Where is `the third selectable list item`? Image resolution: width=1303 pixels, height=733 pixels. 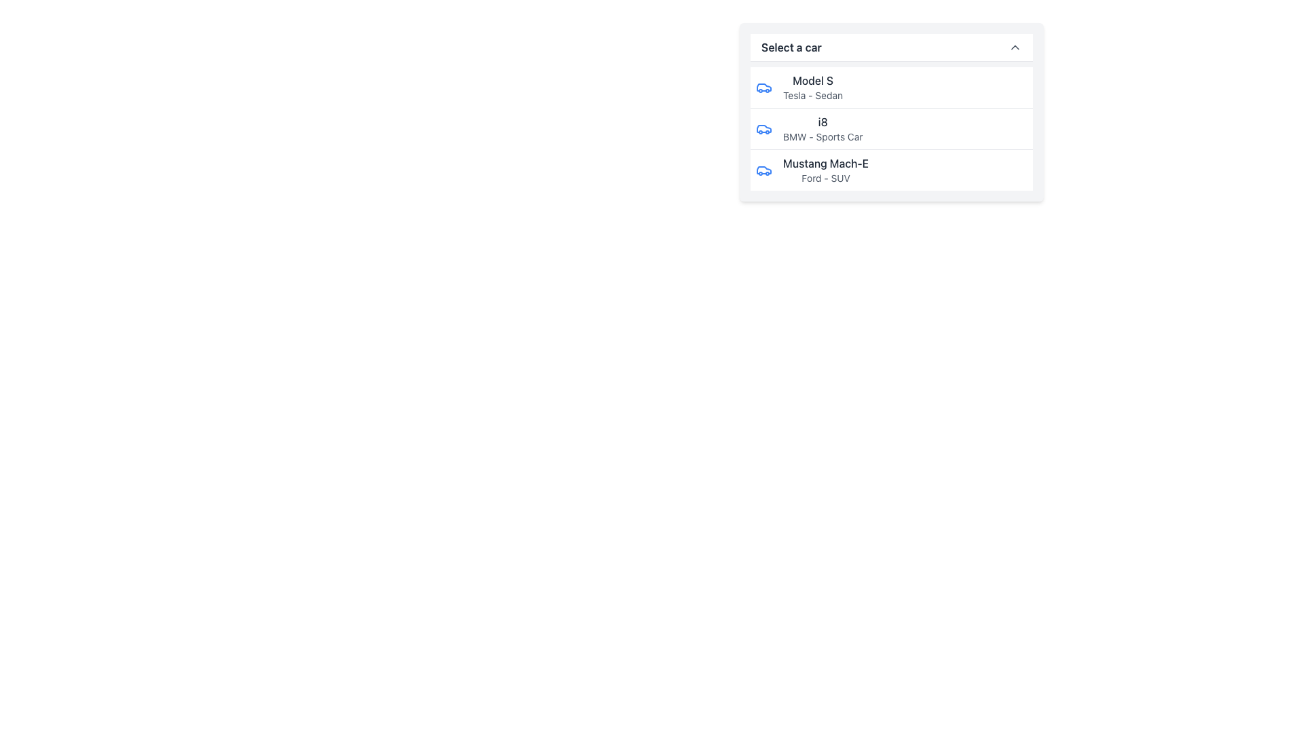 the third selectable list item is located at coordinates (892, 169).